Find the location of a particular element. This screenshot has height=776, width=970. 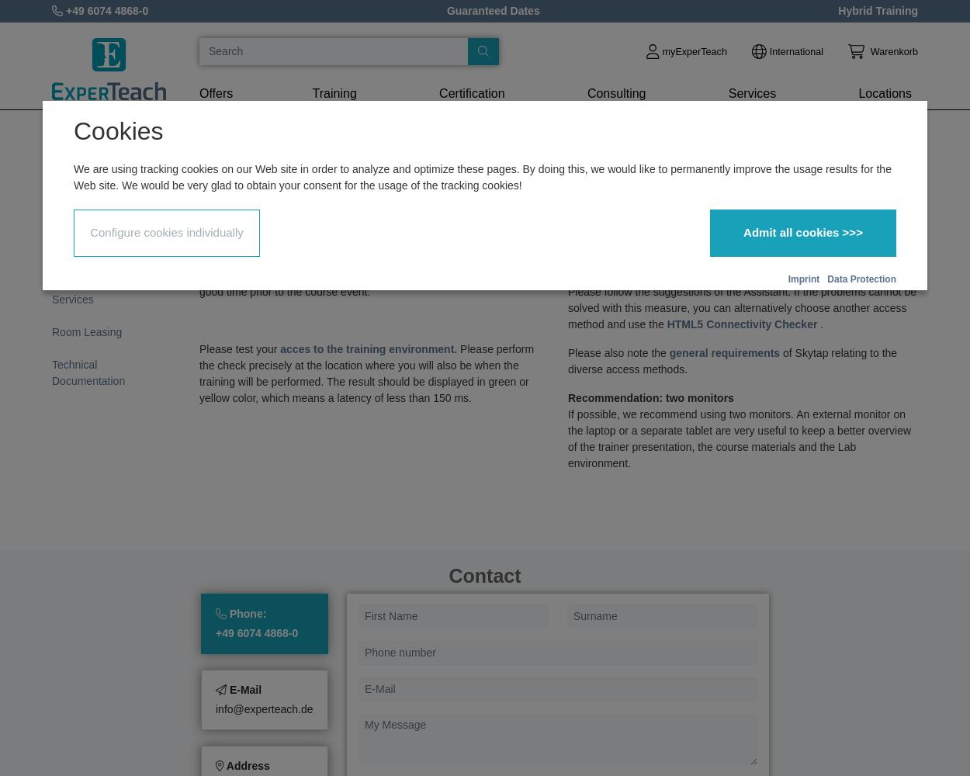

'Certification' is located at coordinates (471, 92).